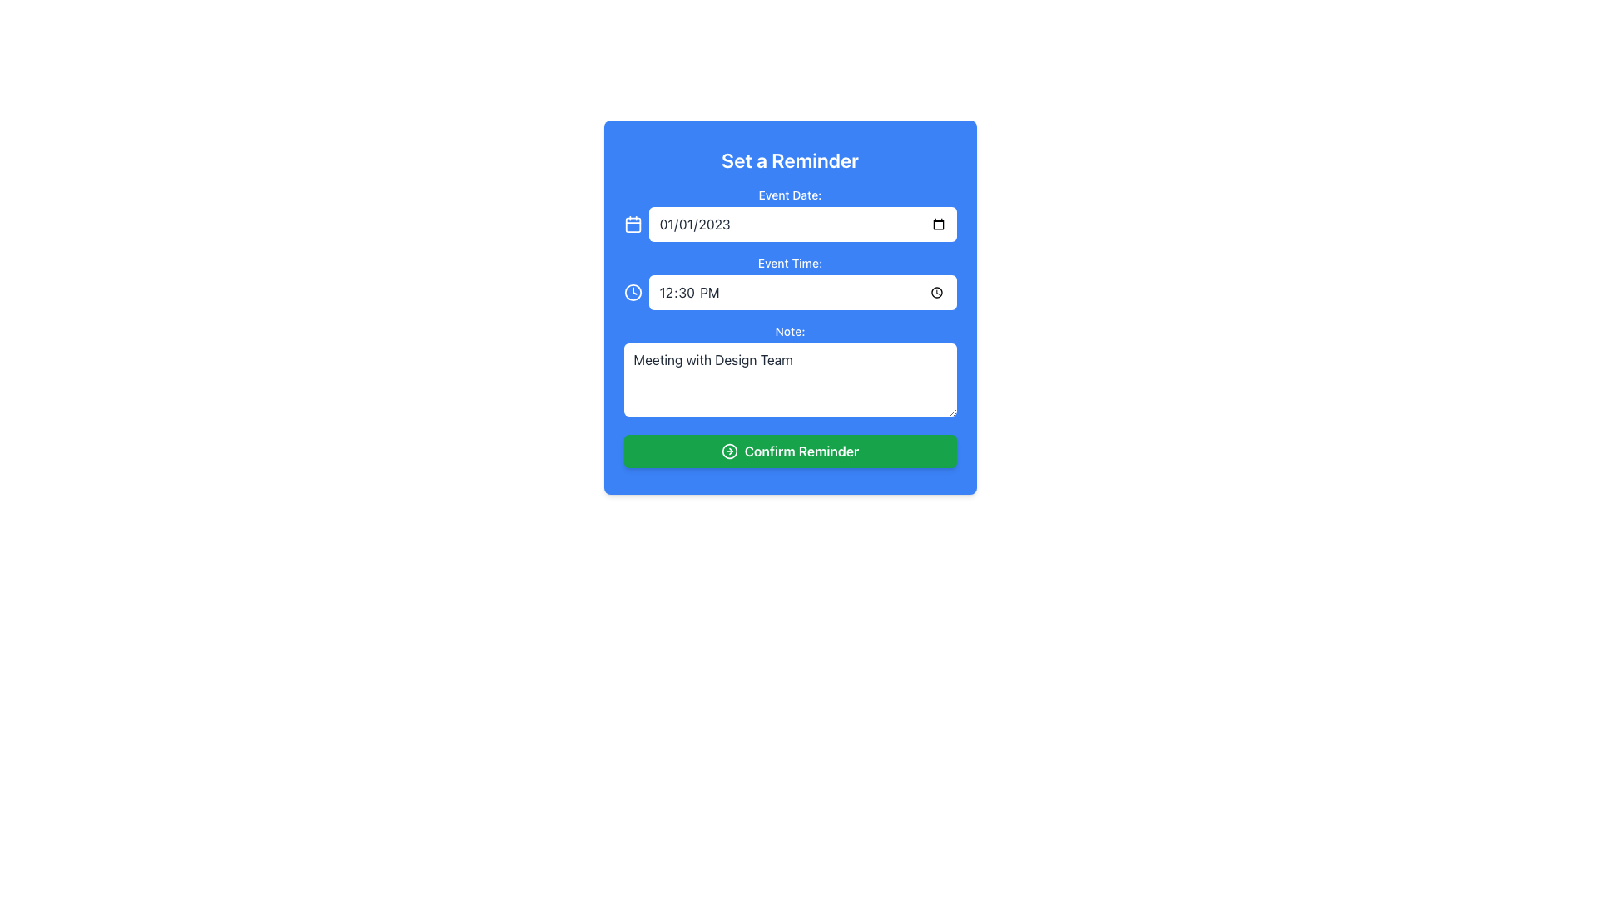 The height and width of the screenshot is (898, 1598). Describe the element at coordinates (801, 451) in the screenshot. I see `the 'Confirm Reminder' button, which is a white text on a green rounded button located at the bottom of the 'Set a Reminder' modal dialog` at that location.